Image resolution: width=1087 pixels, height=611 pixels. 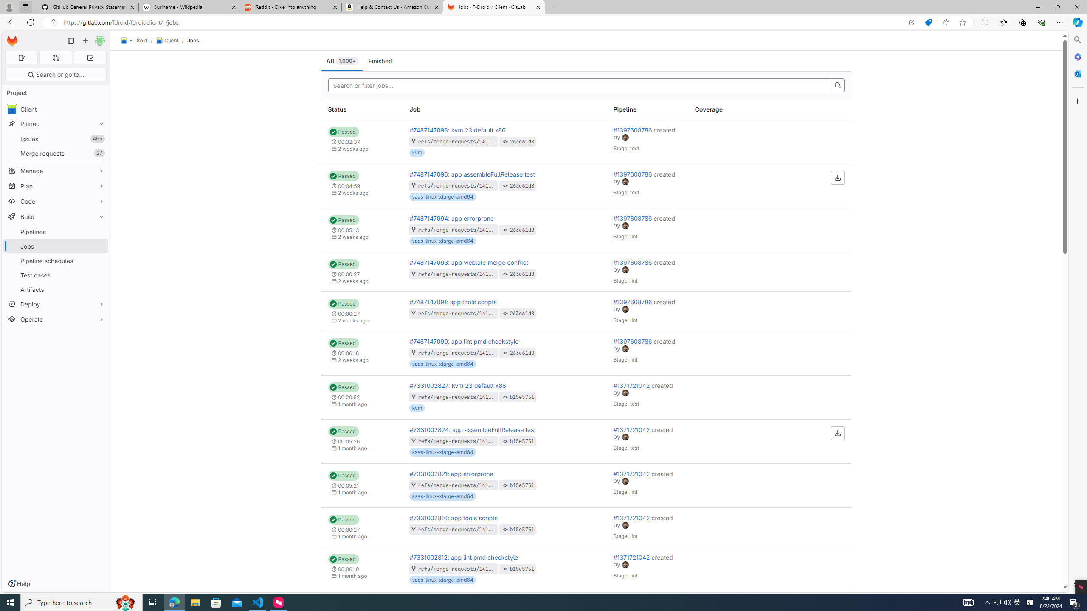 What do you see at coordinates (647, 109) in the screenshot?
I see `'Pipeline'` at bounding box center [647, 109].